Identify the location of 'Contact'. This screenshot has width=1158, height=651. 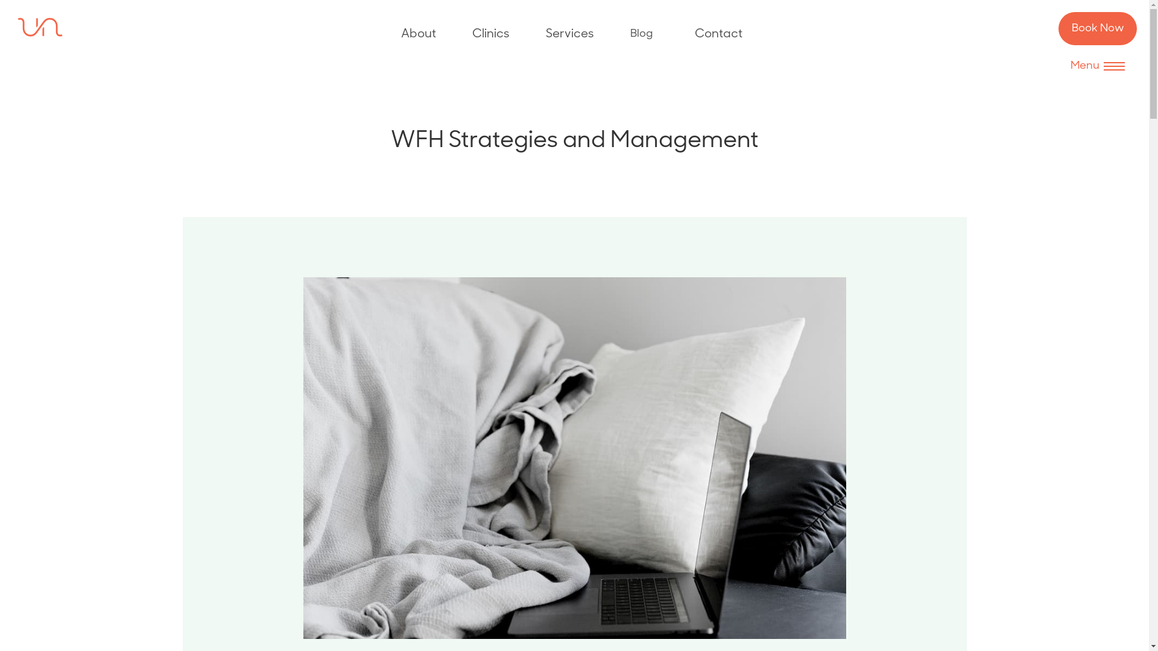
(718, 34).